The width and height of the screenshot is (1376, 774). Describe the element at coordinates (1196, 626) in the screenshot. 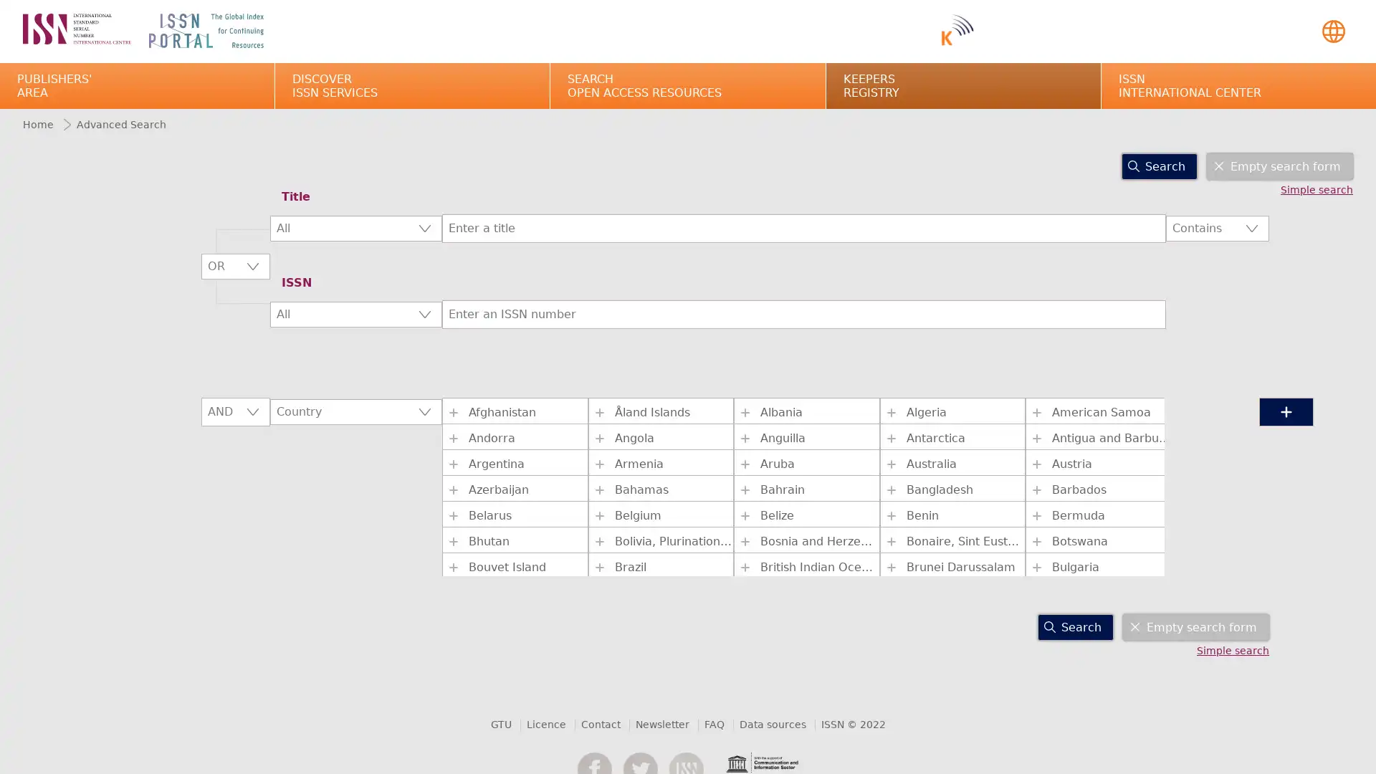

I see `Empty search form` at that location.